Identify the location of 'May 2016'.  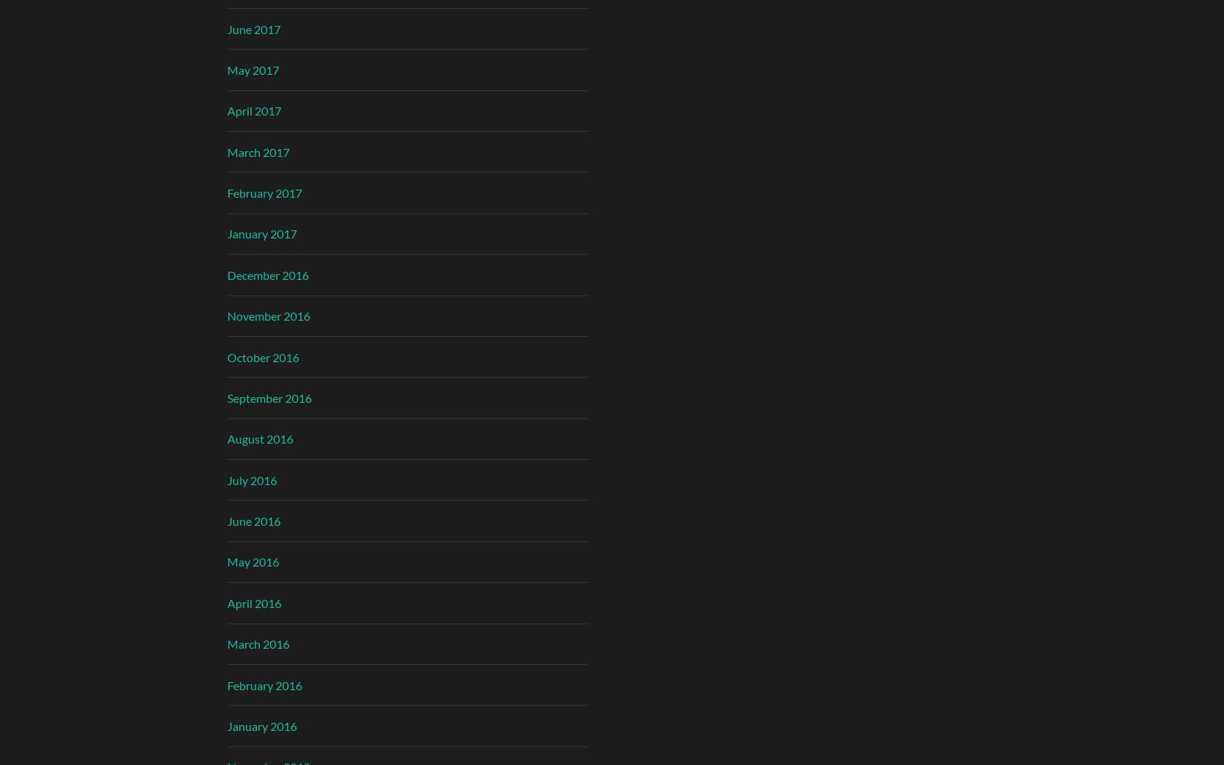
(252, 561).